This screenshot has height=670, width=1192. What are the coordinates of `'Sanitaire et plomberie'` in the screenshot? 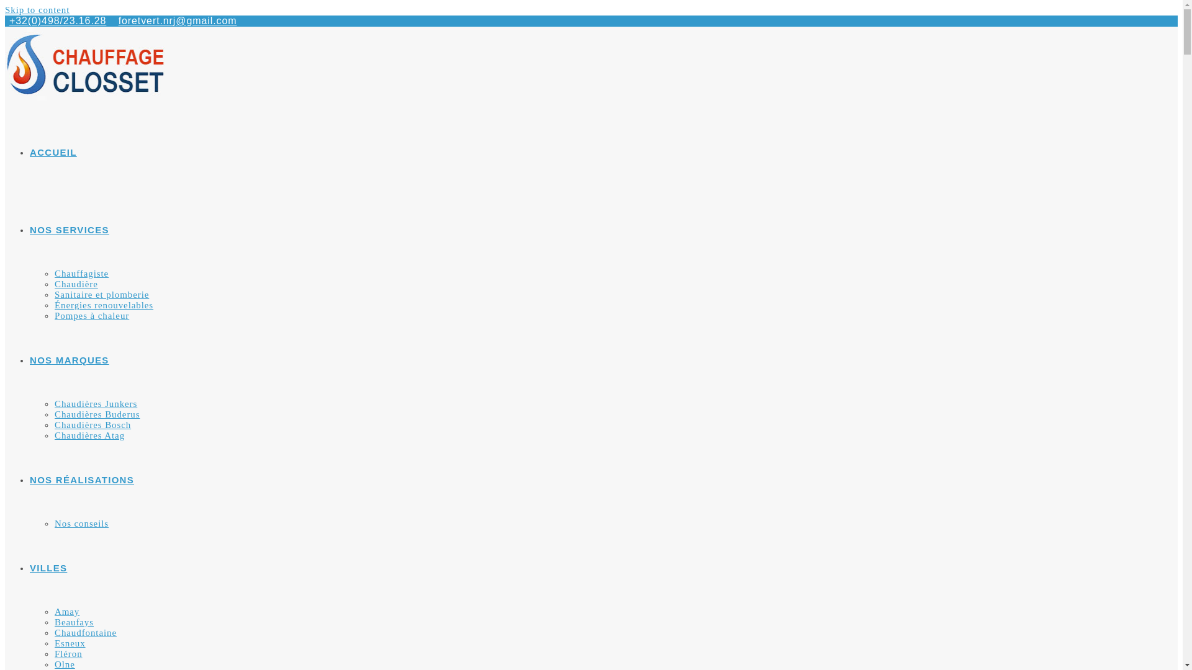 It's located at (101, 294).